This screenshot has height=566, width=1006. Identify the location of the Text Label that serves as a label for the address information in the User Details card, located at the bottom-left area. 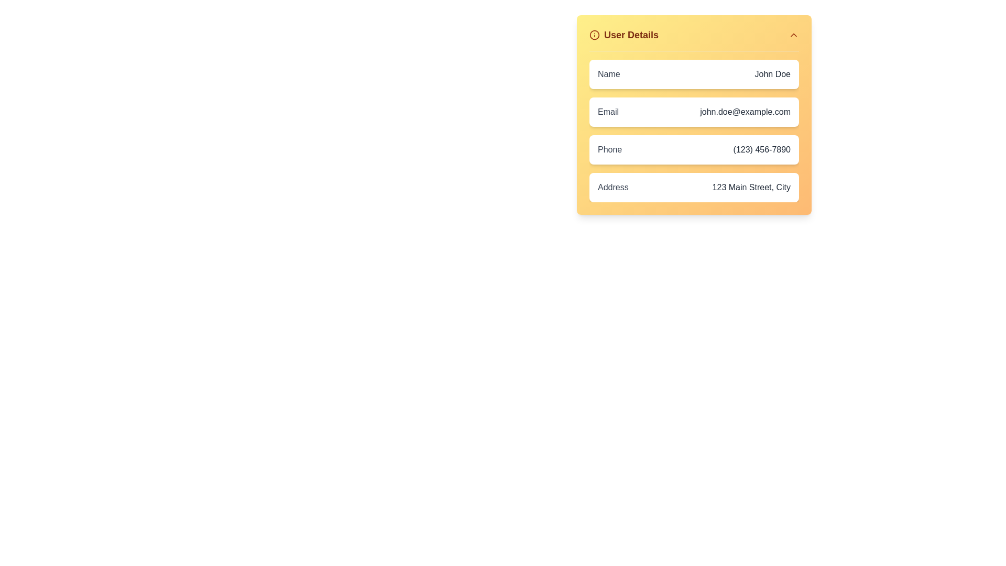
(613, 187).